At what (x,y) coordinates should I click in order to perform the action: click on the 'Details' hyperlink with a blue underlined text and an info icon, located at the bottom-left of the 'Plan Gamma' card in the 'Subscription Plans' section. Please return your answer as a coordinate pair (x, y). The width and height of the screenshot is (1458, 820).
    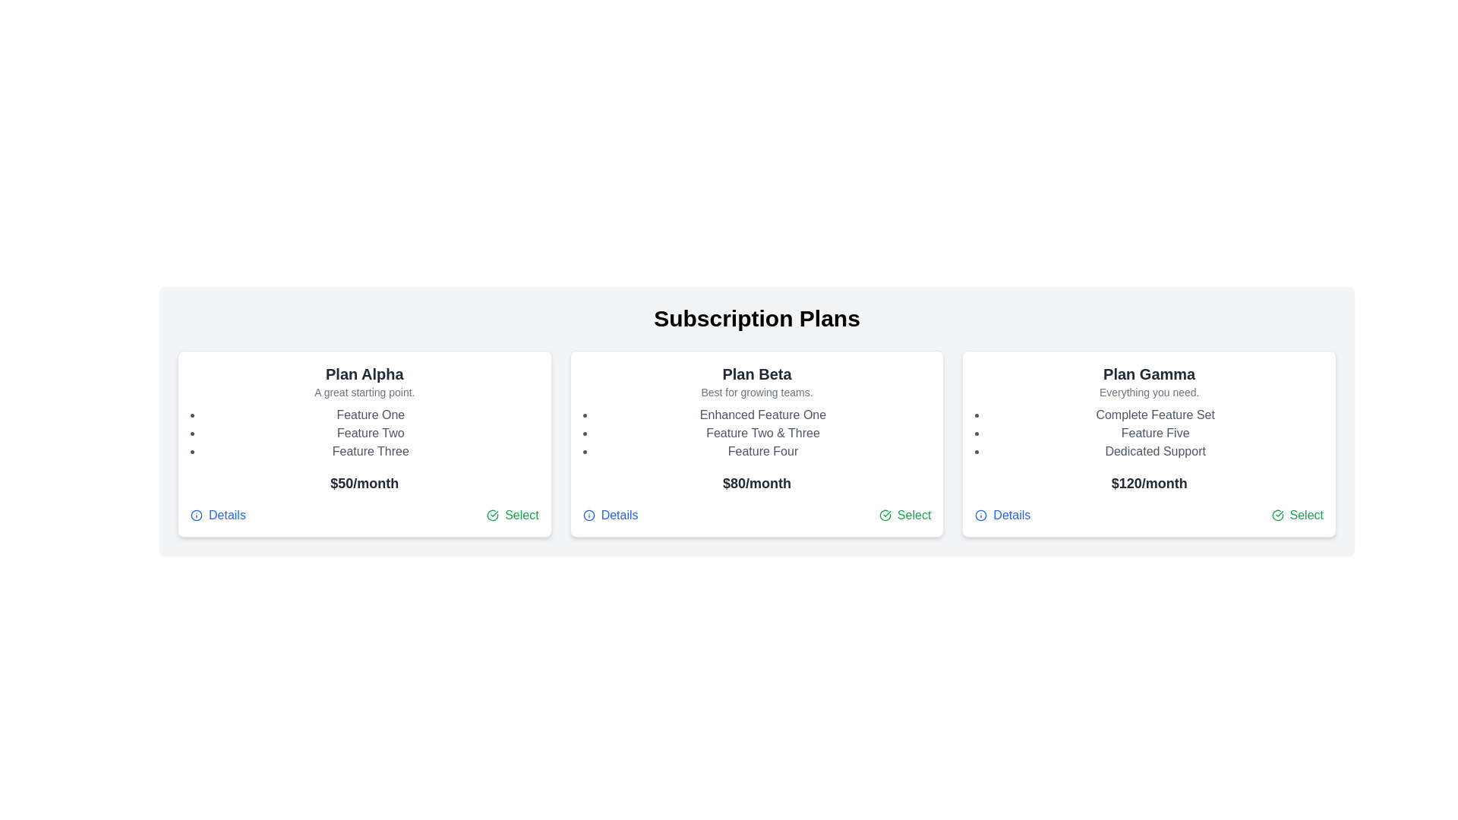
    Looking at the image, I should click on (1002, 514).